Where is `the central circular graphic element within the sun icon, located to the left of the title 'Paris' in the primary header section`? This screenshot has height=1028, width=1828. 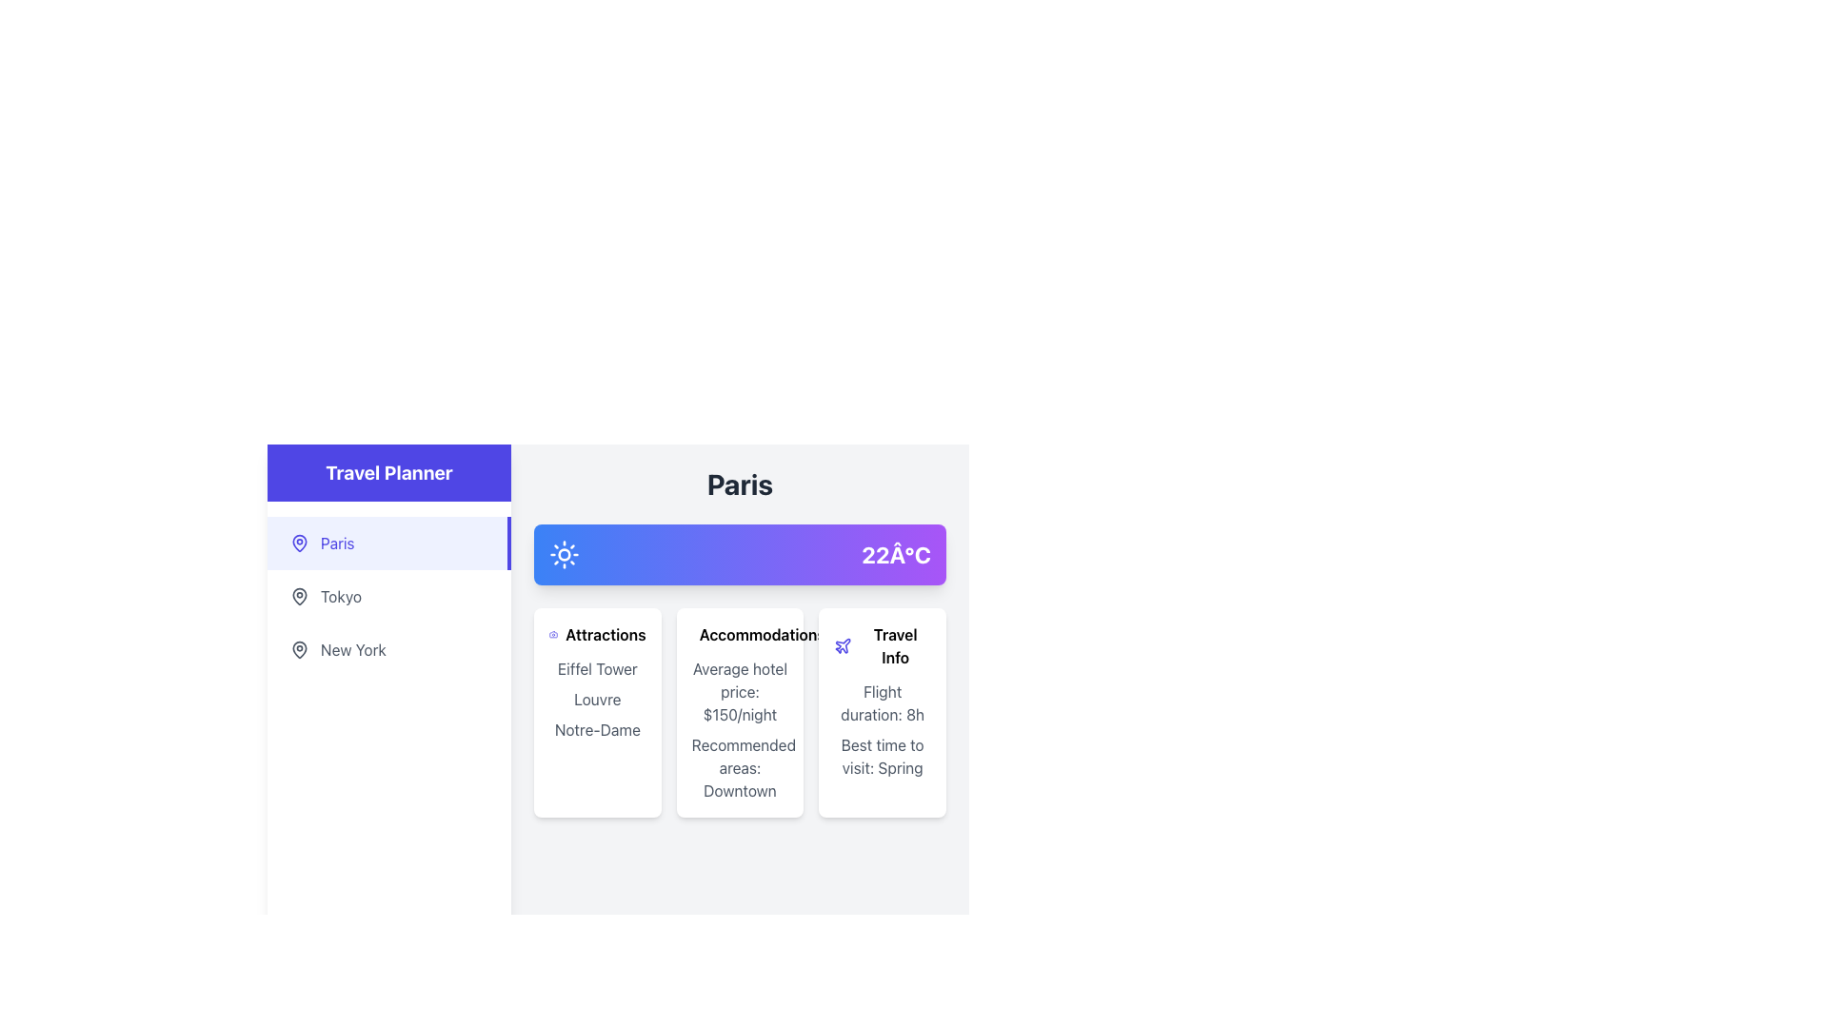
the central circular graphic element within the sun icon, located to the left of the title 'Paris' in the primary header section is located at coordinates (564, 554).